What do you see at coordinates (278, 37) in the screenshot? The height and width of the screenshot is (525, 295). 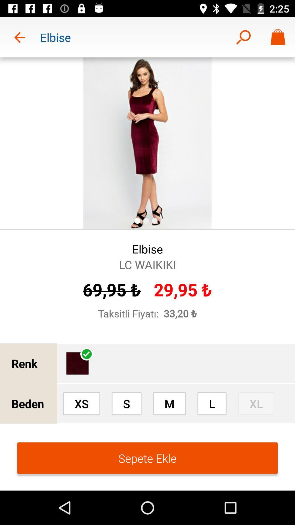 I see `the shopping cart icon` at bounding box center [278, 37].